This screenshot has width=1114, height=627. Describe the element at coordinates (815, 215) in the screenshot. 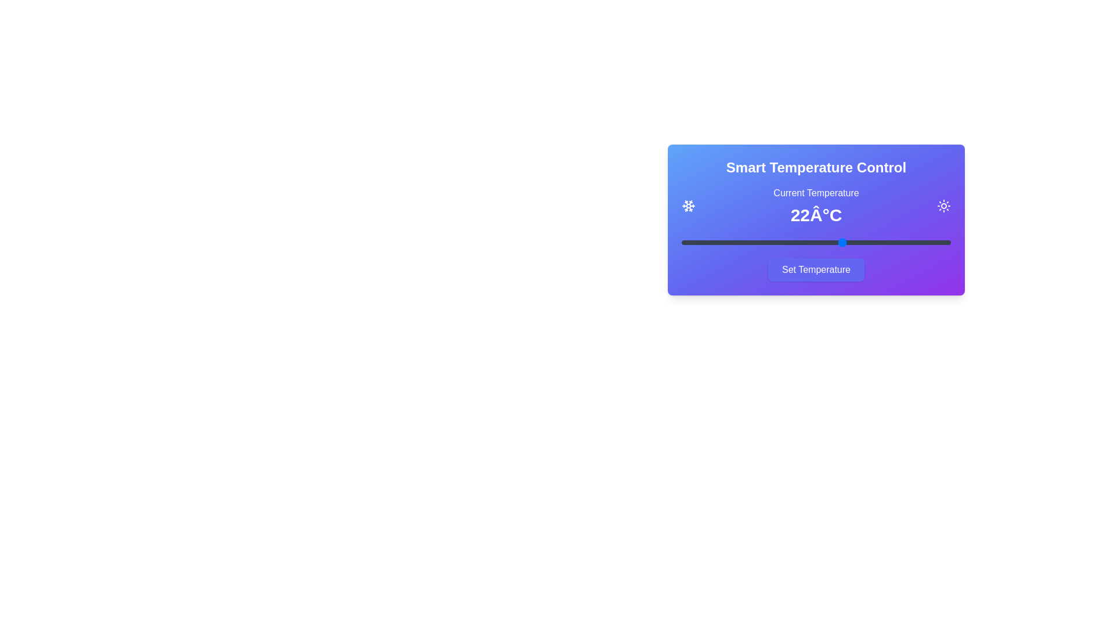

I see `the temperature display element, which is styled with a large and bold font and is positioned below the 'Current Temperature' text in the upper-middle section of the interface` at that location.